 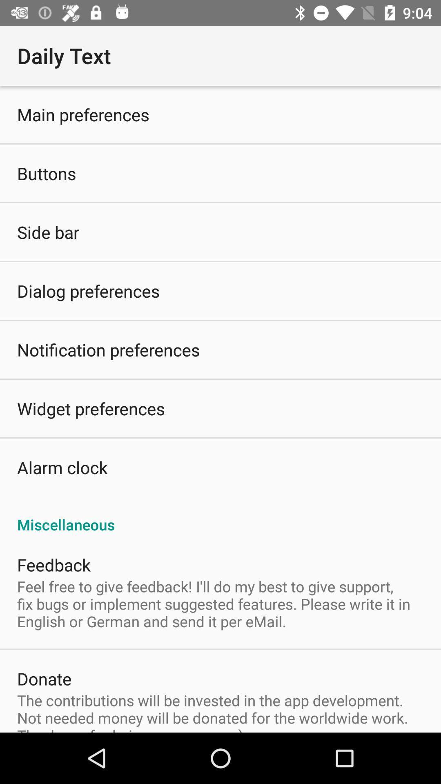 What do you see at coordinates (220, 604) in the screenshot?
I see `the icon above the donate icon` at bounding box center [220, 604].